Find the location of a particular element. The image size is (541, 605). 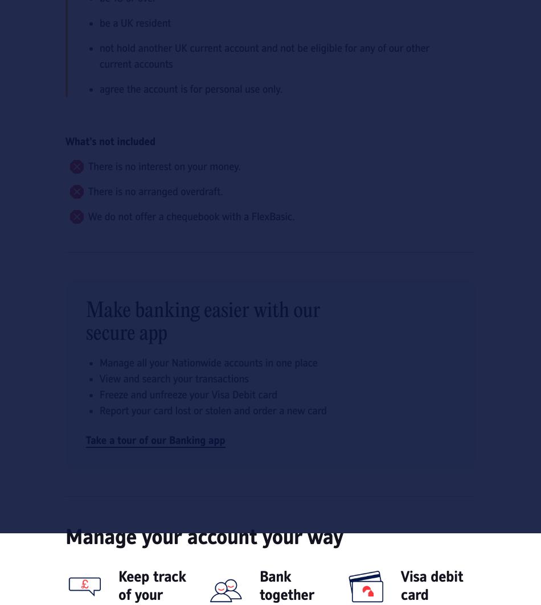

'Visa debit card' is located at coordinates (431, 585).